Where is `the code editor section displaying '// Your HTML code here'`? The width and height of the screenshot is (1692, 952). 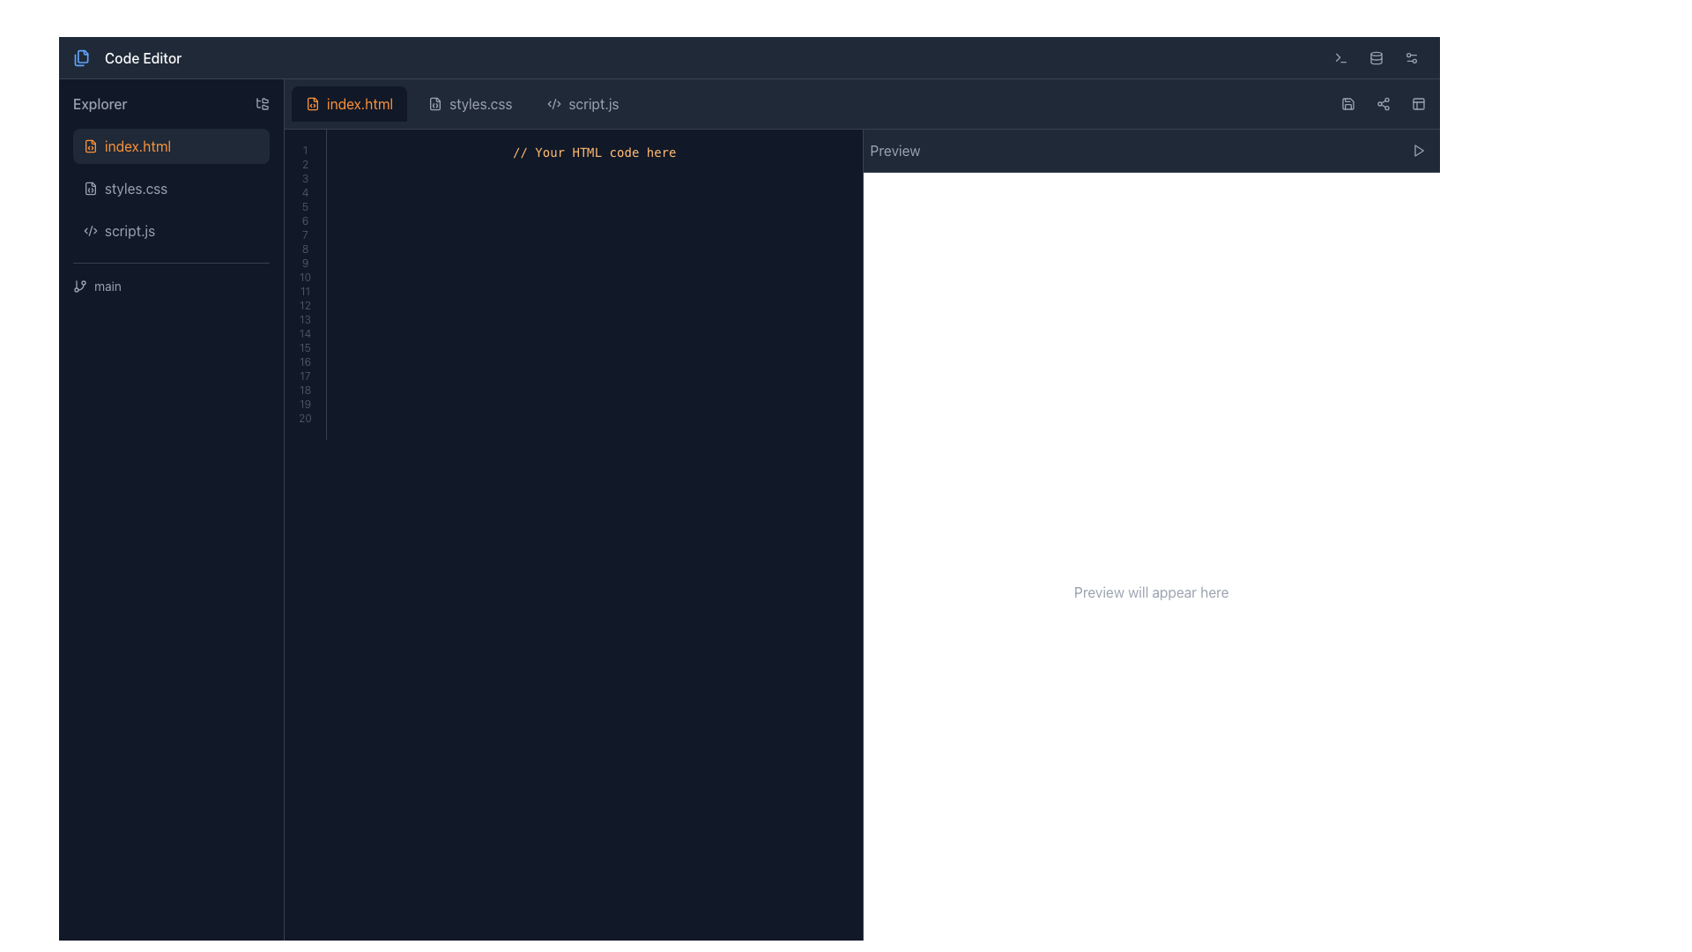 the code editor section displaying '// Your HTML code here' is located at coordinates (573, 284).